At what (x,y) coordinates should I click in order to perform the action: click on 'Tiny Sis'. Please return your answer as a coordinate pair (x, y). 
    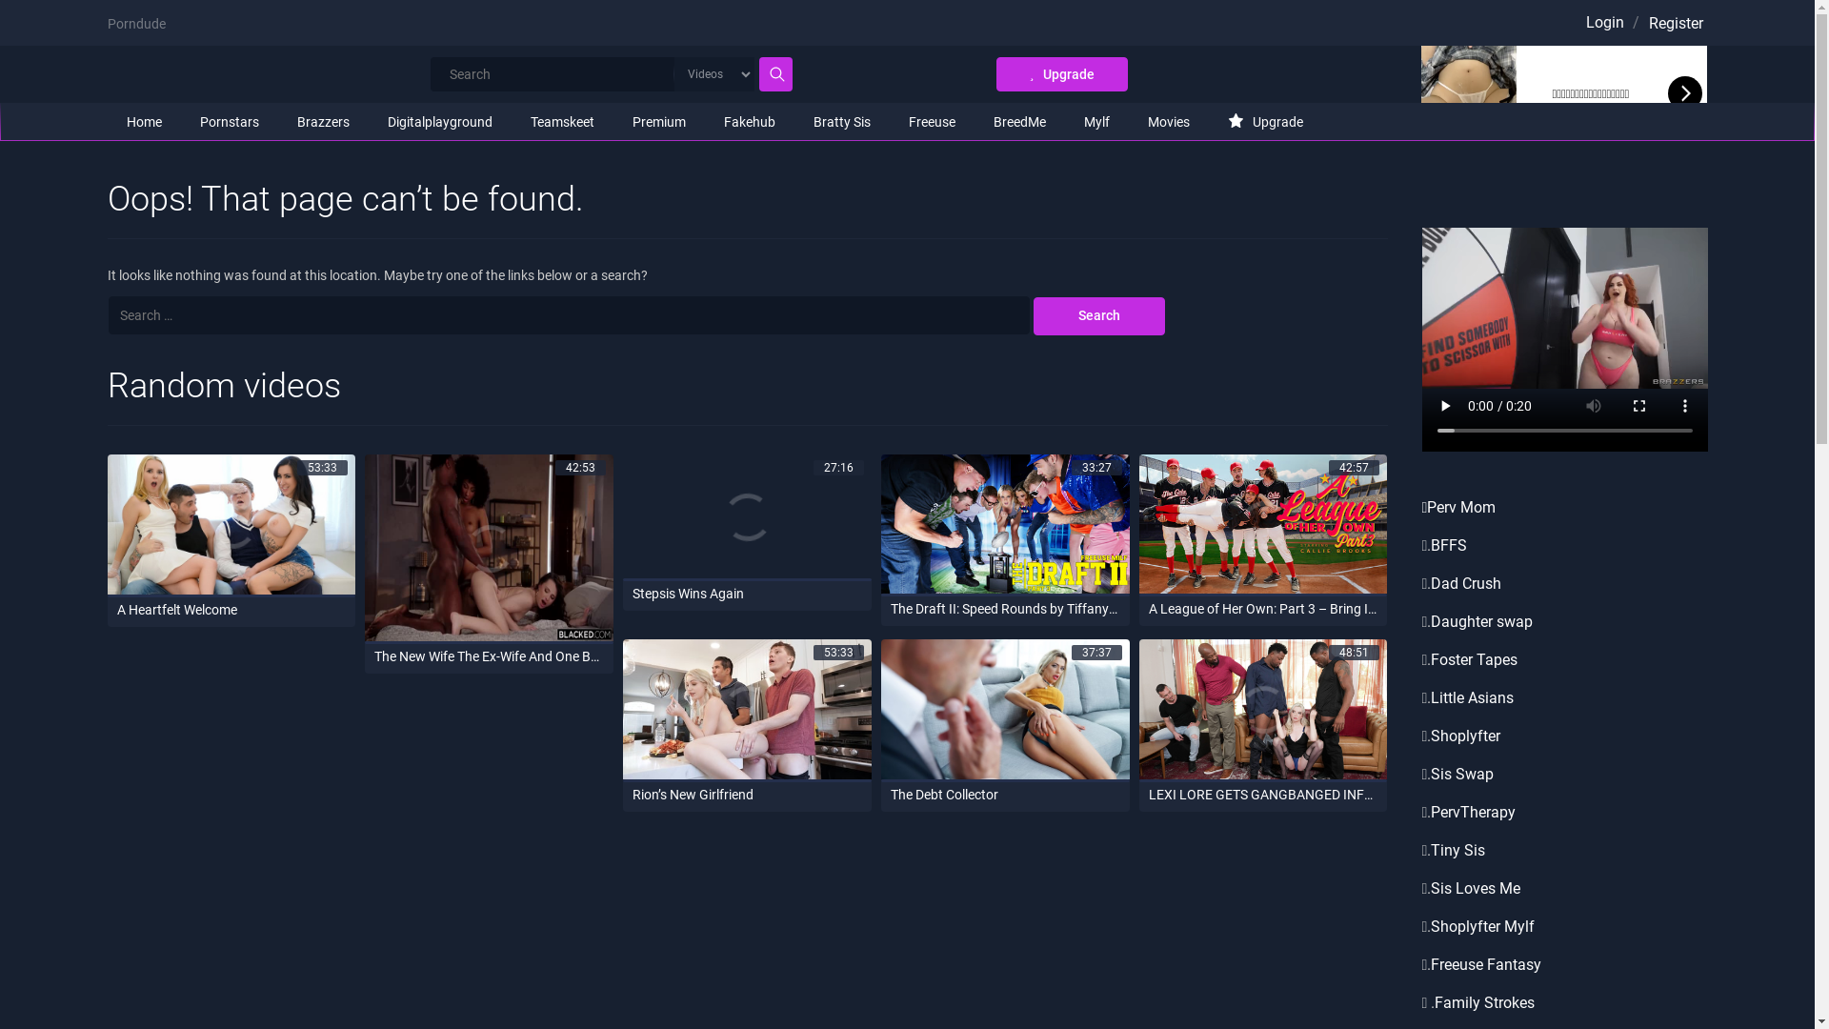
    Looking at the image, I should click on (1457, 849).